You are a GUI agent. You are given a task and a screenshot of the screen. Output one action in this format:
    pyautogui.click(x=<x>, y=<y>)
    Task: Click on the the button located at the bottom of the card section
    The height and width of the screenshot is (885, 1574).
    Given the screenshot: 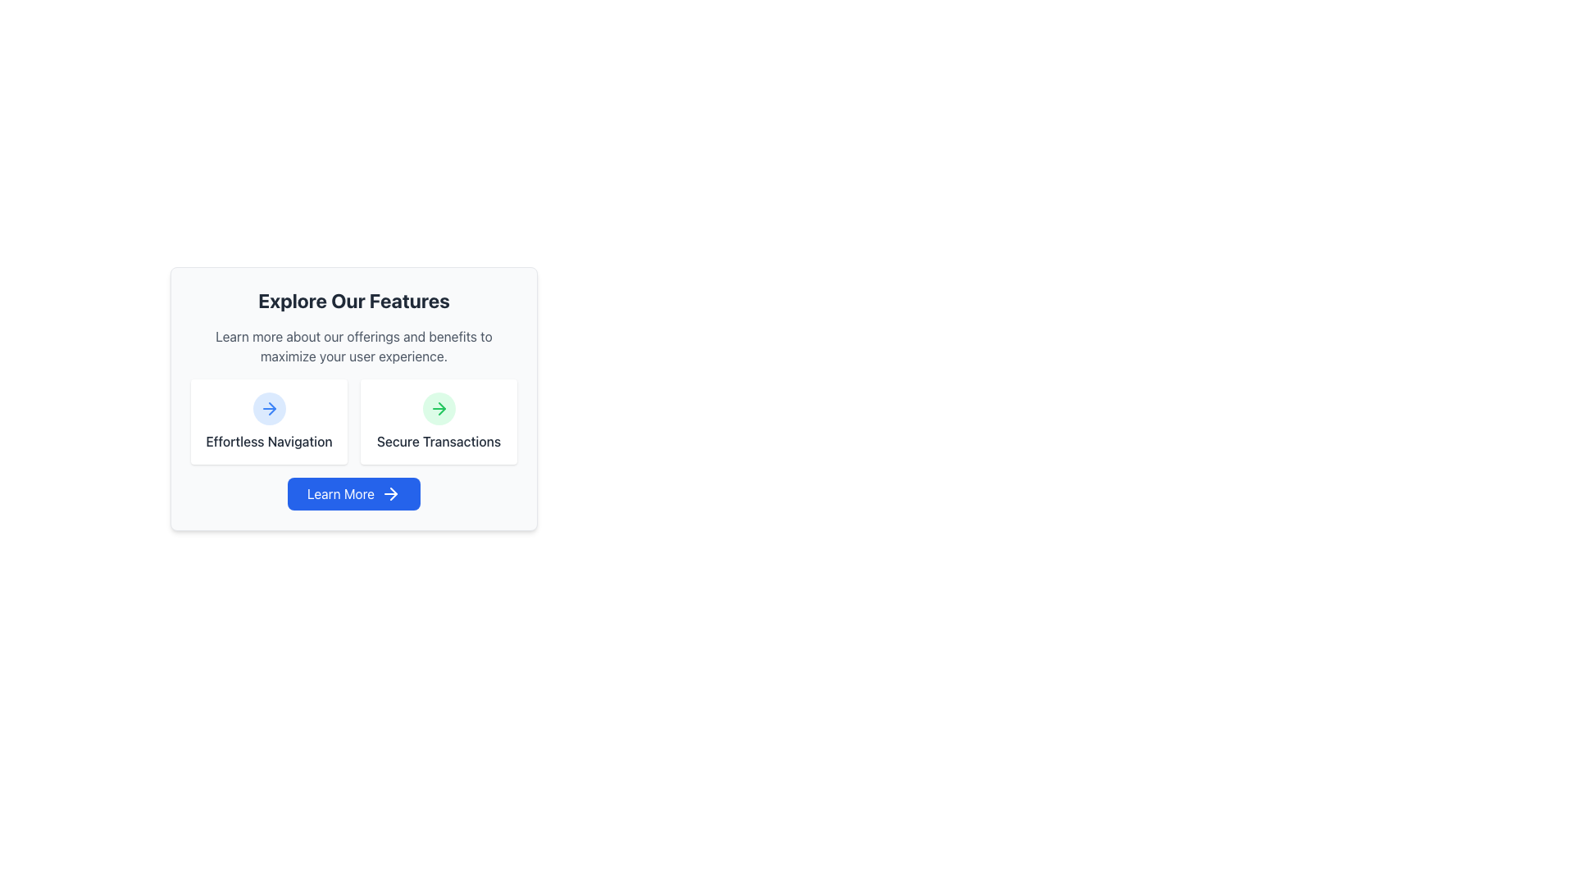 What is the action you would take?
    pyautogui.click(x=353, y=492)
    